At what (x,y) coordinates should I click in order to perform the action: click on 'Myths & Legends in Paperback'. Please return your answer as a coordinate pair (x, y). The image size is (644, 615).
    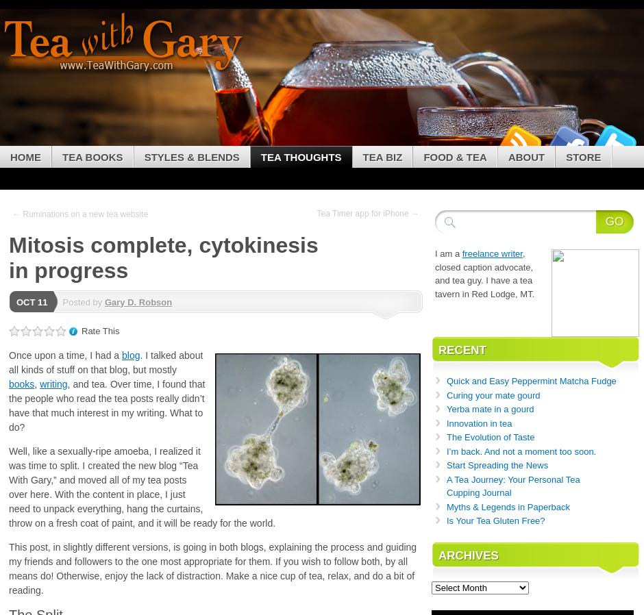
    Looking at the image, I should click on (508, 506).